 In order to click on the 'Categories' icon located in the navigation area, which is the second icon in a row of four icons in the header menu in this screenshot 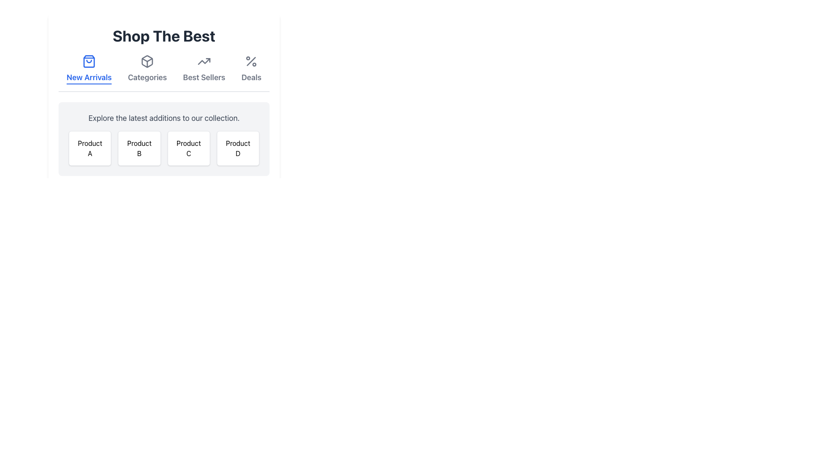, I will do `click(147, 59)`.